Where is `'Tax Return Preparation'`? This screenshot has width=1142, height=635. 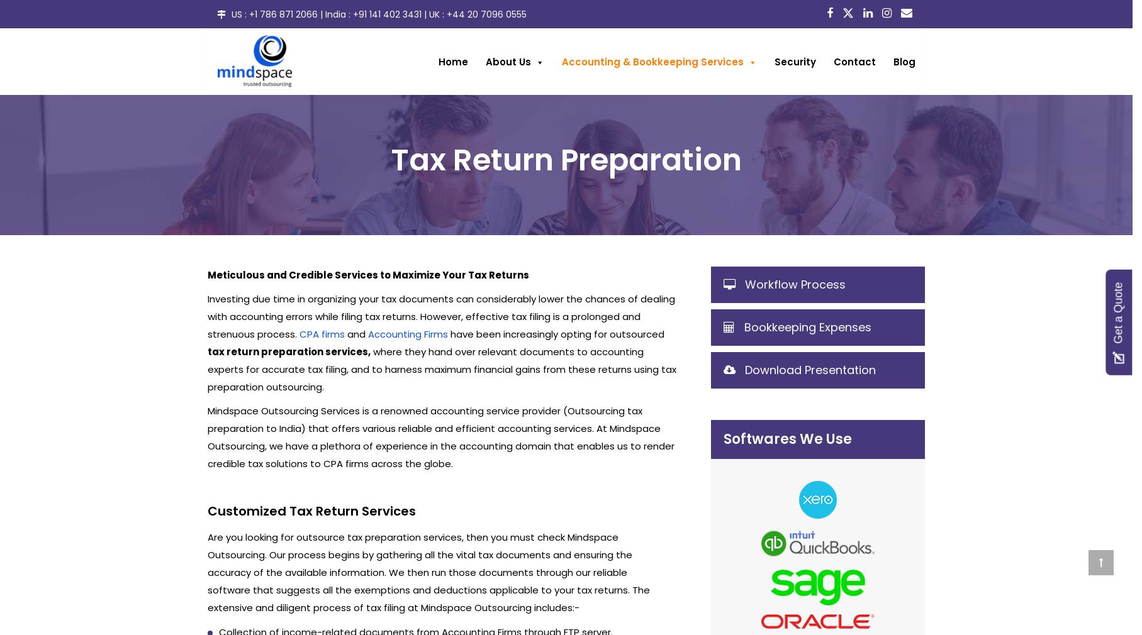 'Tax Return Preparation' is located at coordinates (389, 158).